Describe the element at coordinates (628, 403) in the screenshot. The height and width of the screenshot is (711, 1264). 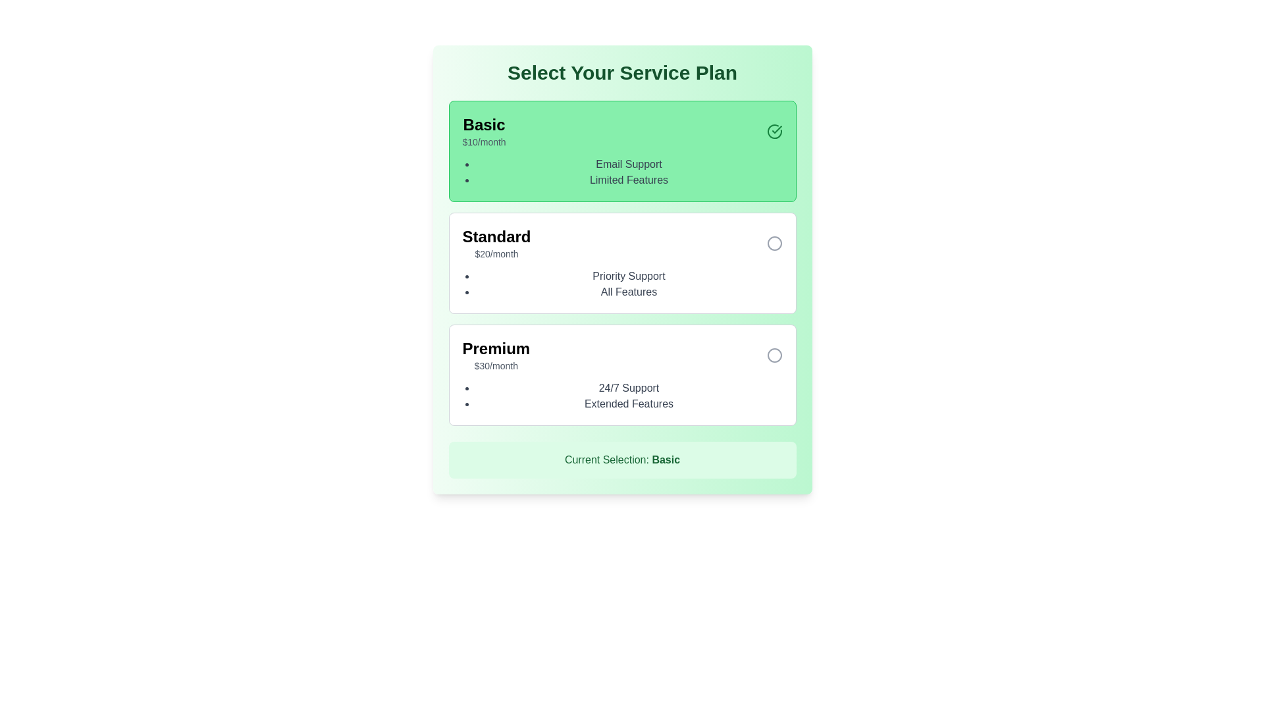
I see `the text that informs users about the availability of extended features in the Premium service plan tier as part of the keyboard-navigation flow` at that location.